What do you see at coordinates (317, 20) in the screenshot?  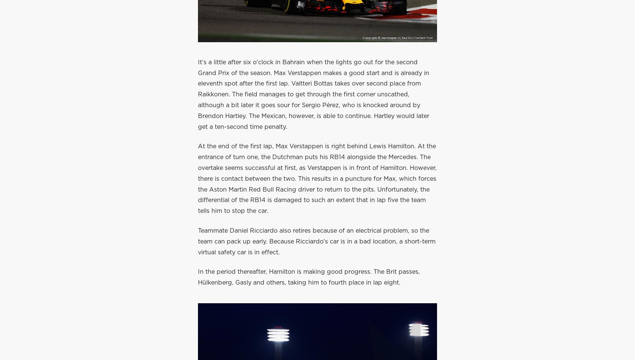 I see `'Contest'` at bounding box center [317, 20].